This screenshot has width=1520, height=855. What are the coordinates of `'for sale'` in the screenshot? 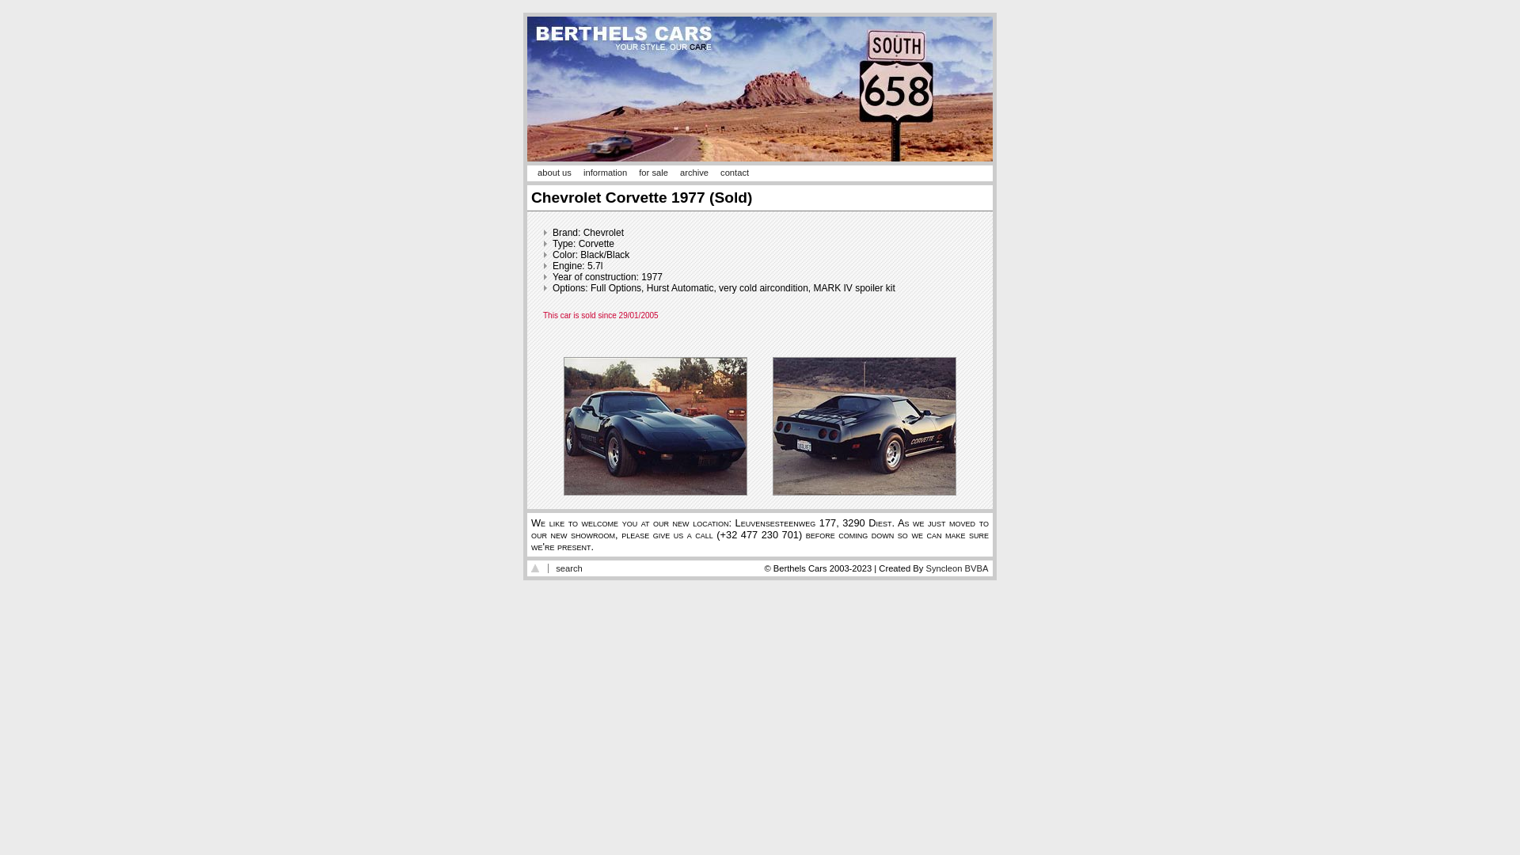 It's located at (638, 173).